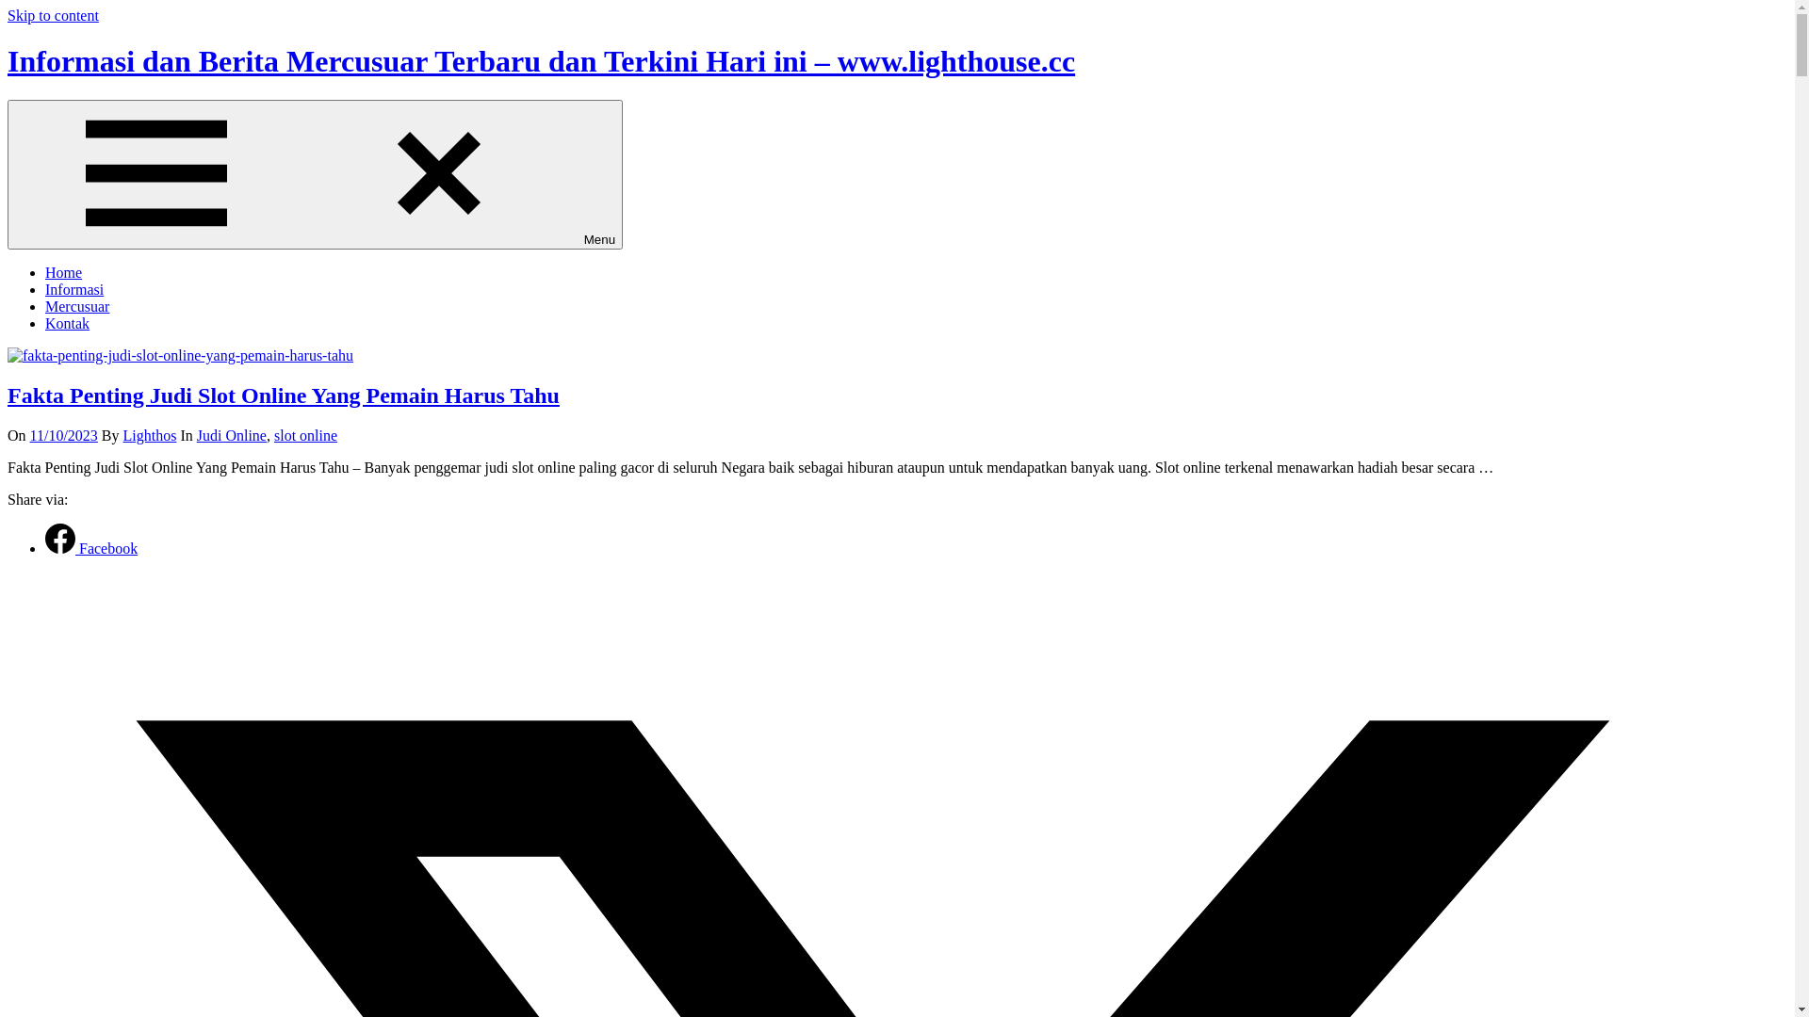 The height and width of the screenshot is (1017, 1809). Describe the element at coordinates (305, 435) in the screenshot. I see `'slot online'` at that location.